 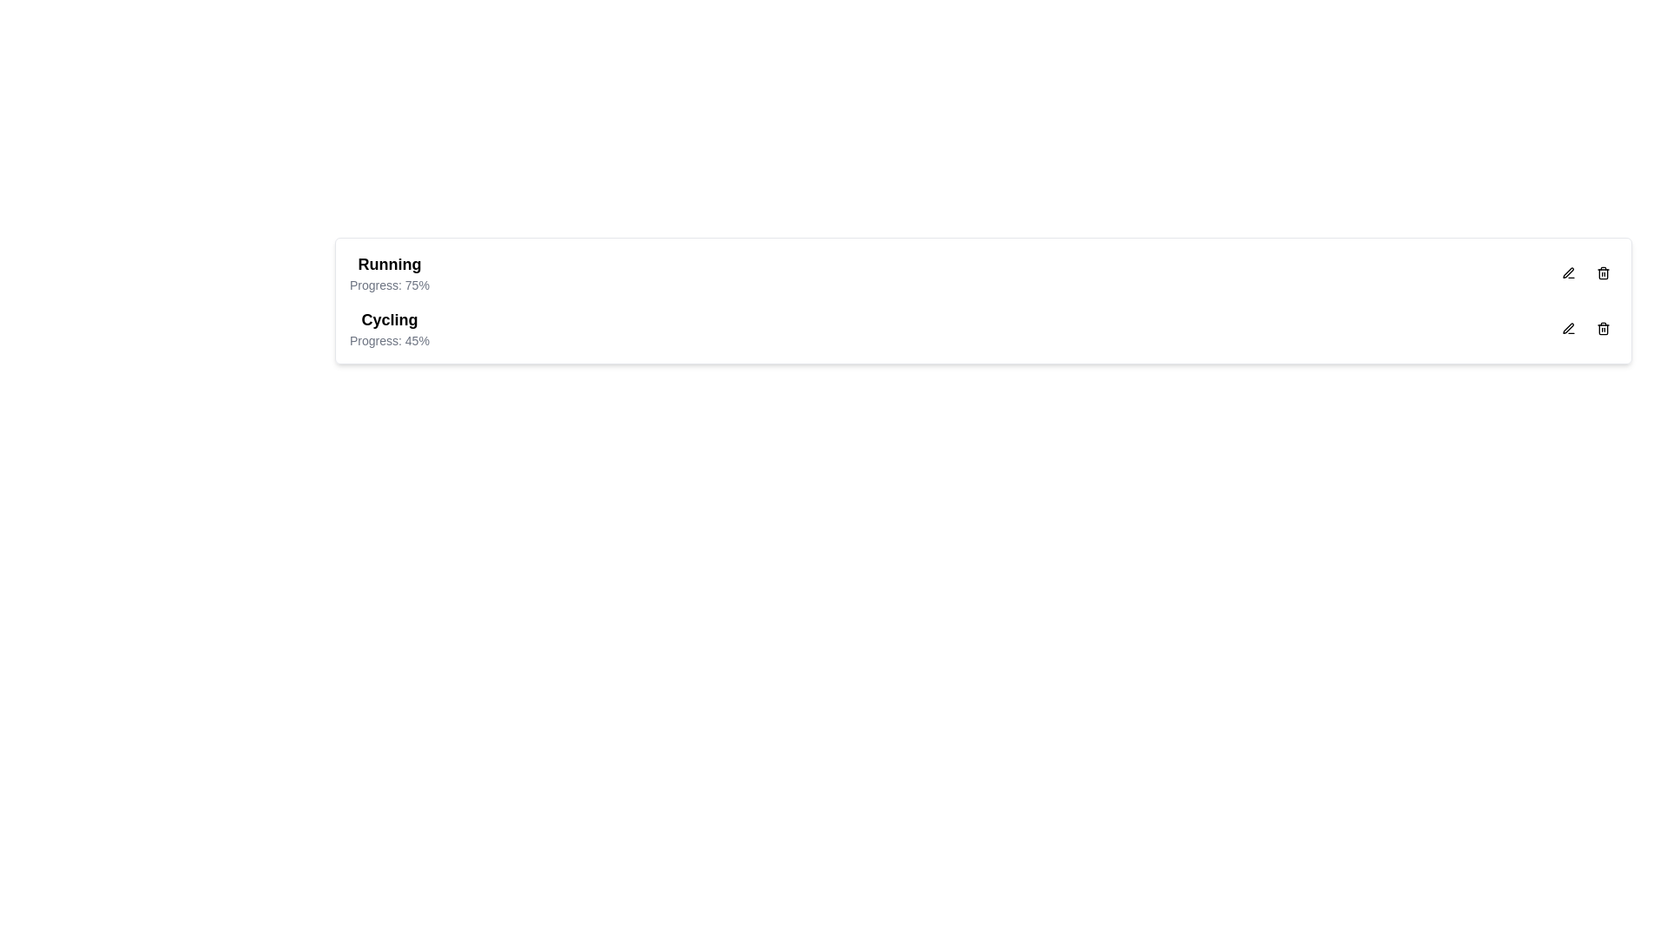 I want to click on the delete Icon Button located at the far right of the row containing the text 'Cycling' to initiate a delete action, so click(x=1603, y=328).